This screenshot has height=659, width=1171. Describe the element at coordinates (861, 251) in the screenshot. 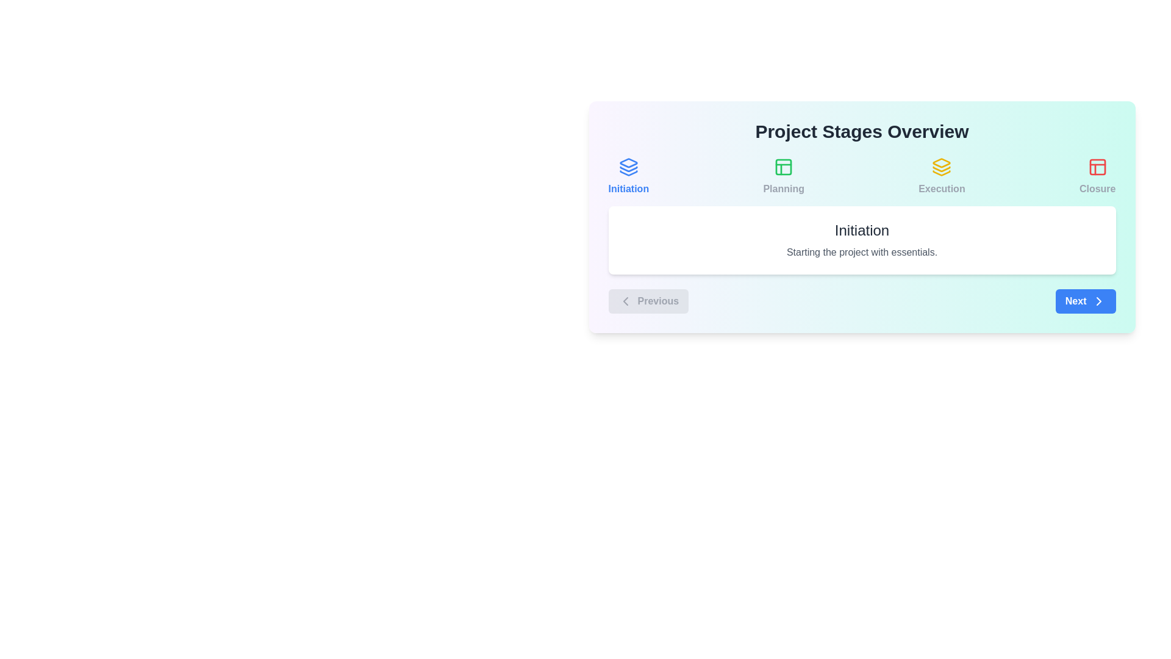

I see `the Text Label displaying 'Starting the project with essentials.' located below the header 'Initiation'` at that location.